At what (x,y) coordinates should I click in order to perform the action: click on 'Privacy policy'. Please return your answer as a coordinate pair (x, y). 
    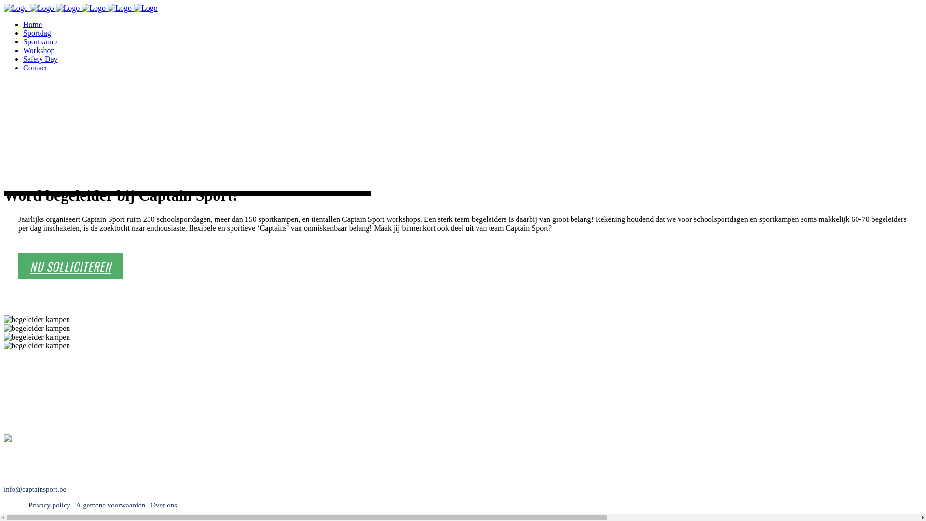
    Looking at the image, I should click on (41, 504).